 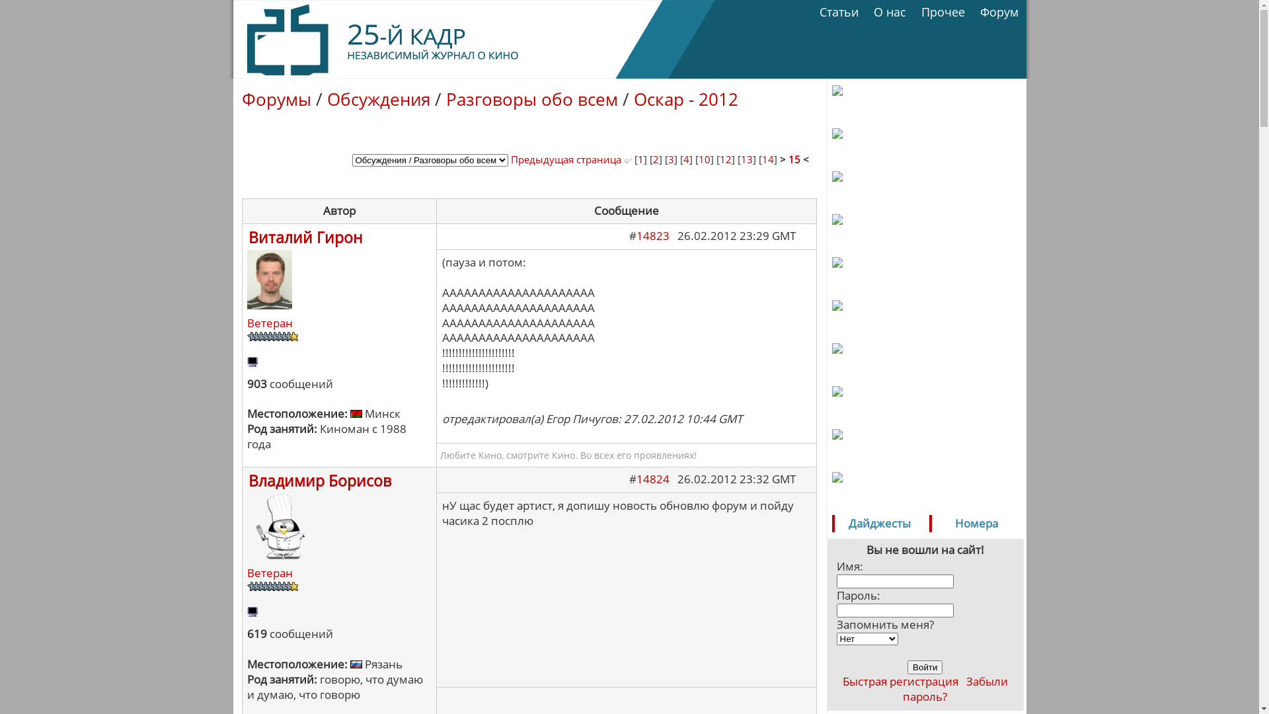 I want to click on '14', so click(x=761, y=158).